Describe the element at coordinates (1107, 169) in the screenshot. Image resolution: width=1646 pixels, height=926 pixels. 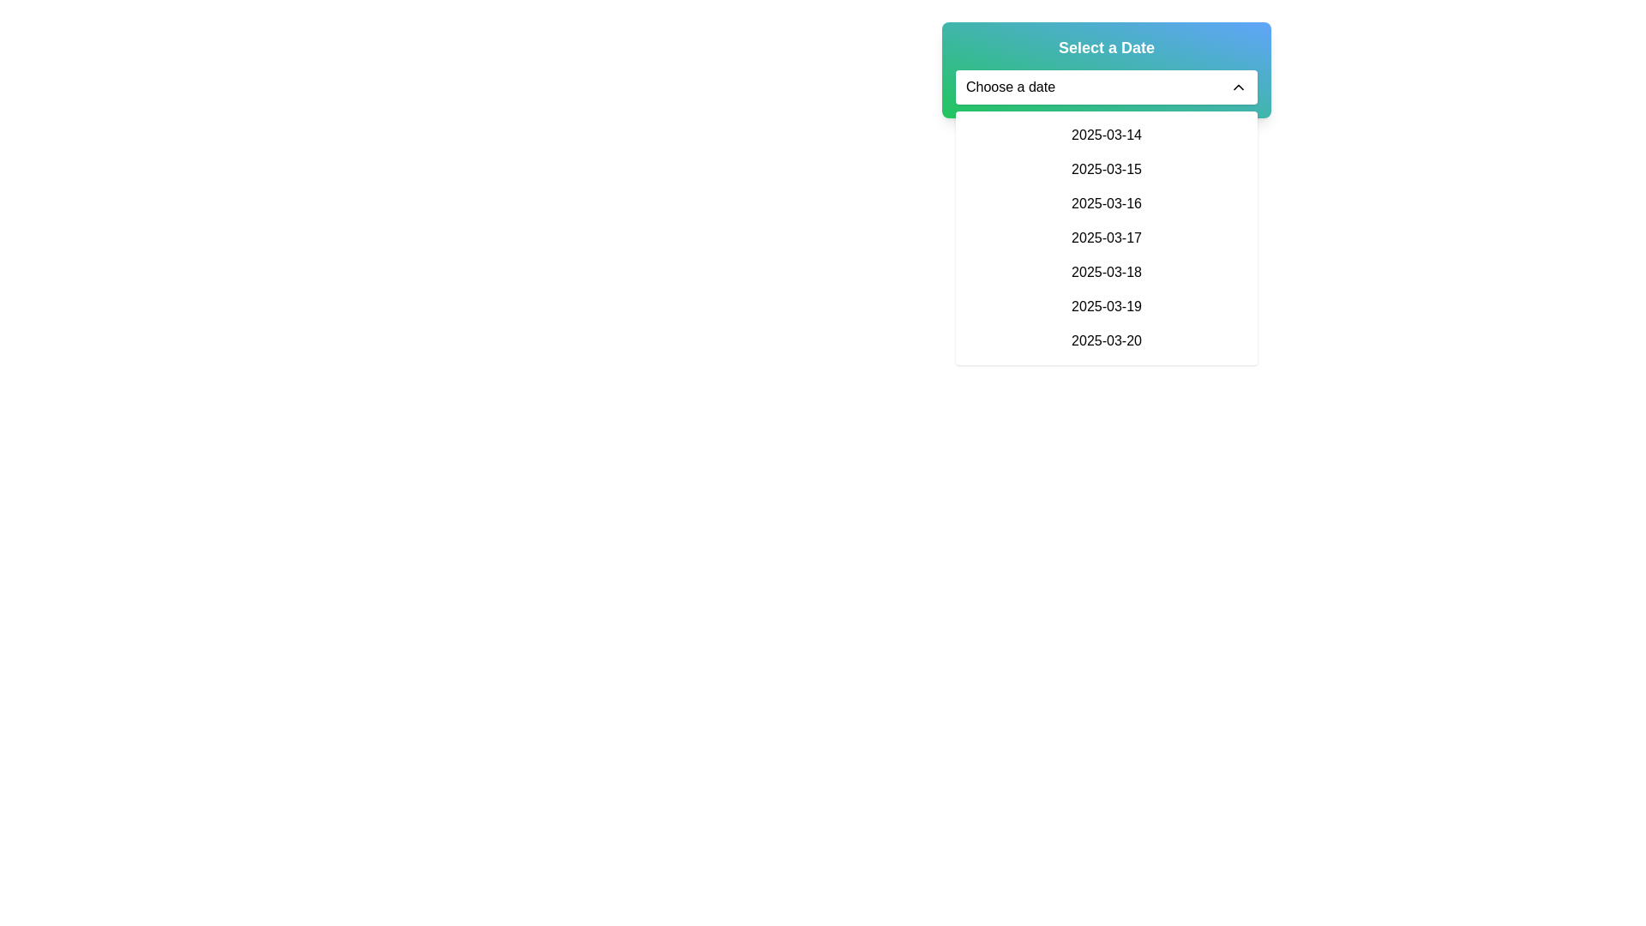
I see `to select the date '2025-03-15' from the dropdown list of dates, which is the second option in the list` at that location.